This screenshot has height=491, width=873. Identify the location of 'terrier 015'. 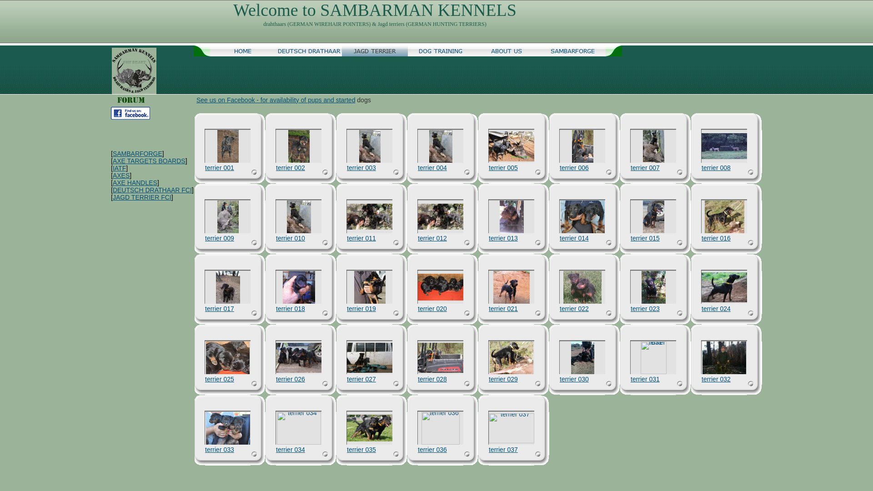
(653, 217).